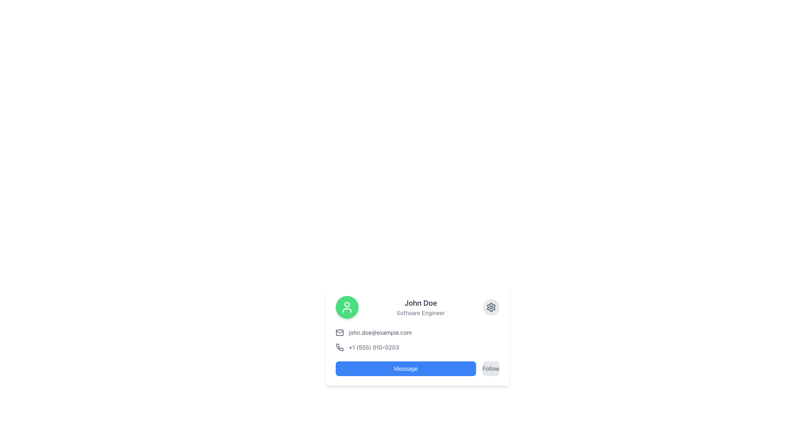 The height and width of the screenshot is (442, 786). What do you see at coordinates (373, 347) in the screenshot?
I see `the phone number text displayed in a smaller font size, styled in dark gray, located below the email address and to the right of the phone icon` at bounding box center [373, 347].